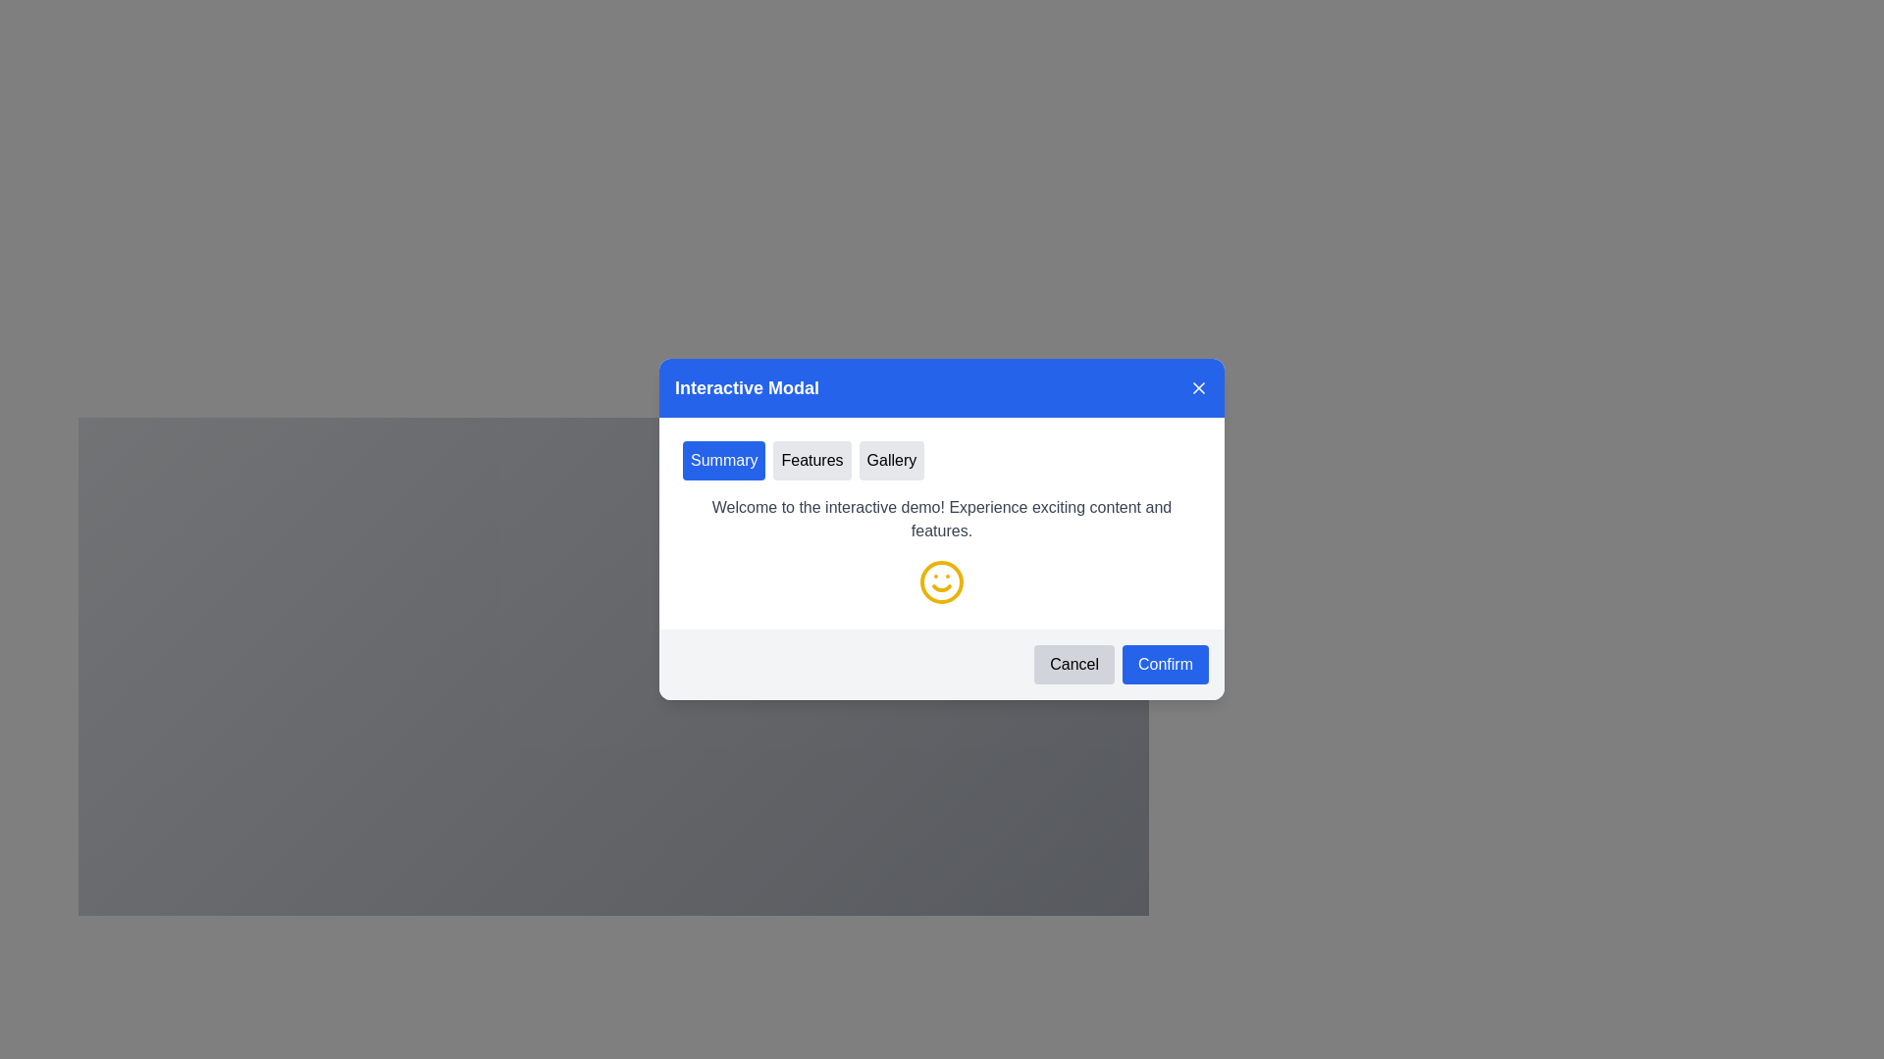 This screenshot has width=1884, height=1059. Describe the element at coordinates (723, 461) in the screenshot. I see `the 'Summary' button, which is a rectangular button with a blue background and white text, located at the top-center of the modal window` at that location.